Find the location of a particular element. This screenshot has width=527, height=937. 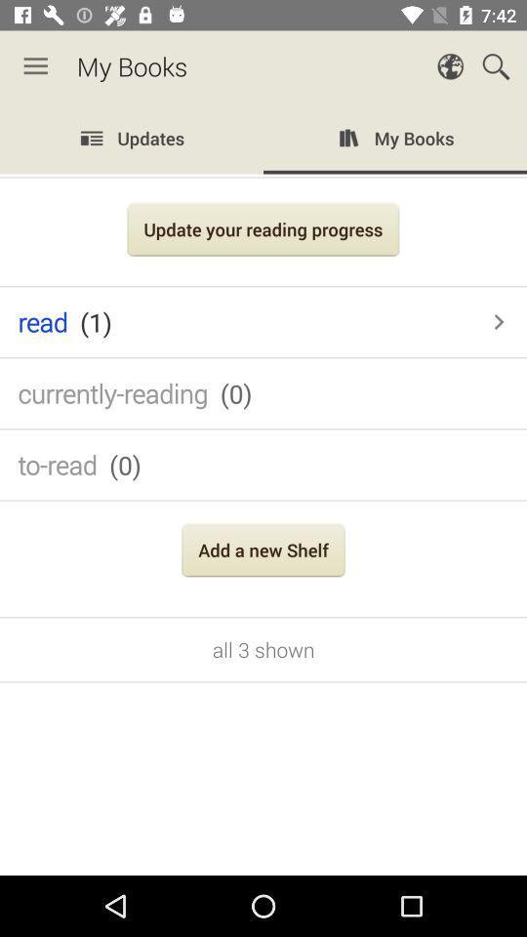

the add a new icon is located at coordinates (263, 552).